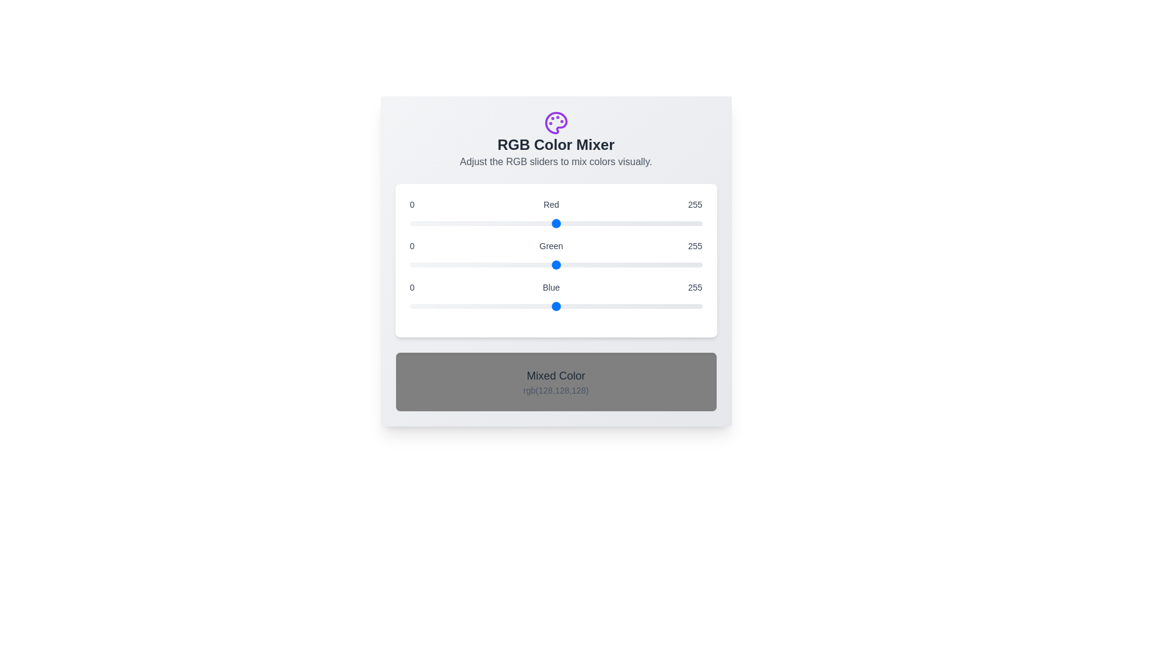  Describe the element at coordinates (429, 264) in the screenshot. I see `the green slider to set the green component to 17` at that location.